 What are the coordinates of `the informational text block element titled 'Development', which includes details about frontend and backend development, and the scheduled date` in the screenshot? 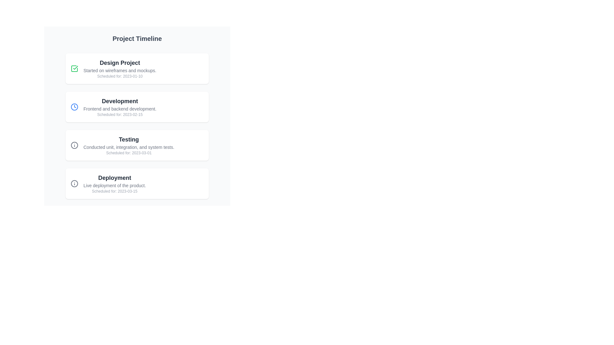 It's located at (120, 107).